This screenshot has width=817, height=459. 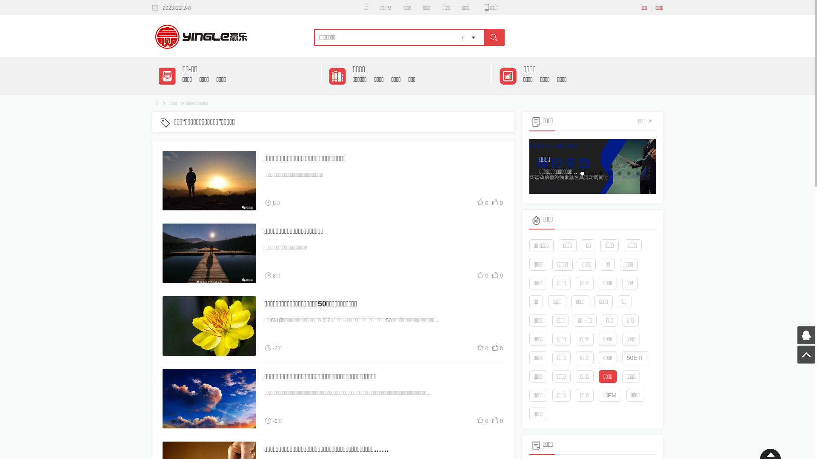 What do you see at coordinates (635, 173) in the screenshot?
I see `'11'` at bounding box center [635, 173].